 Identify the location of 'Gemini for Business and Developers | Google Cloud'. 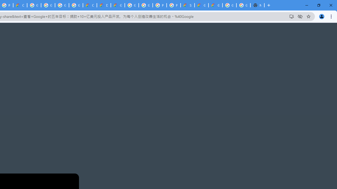
(117, 5).